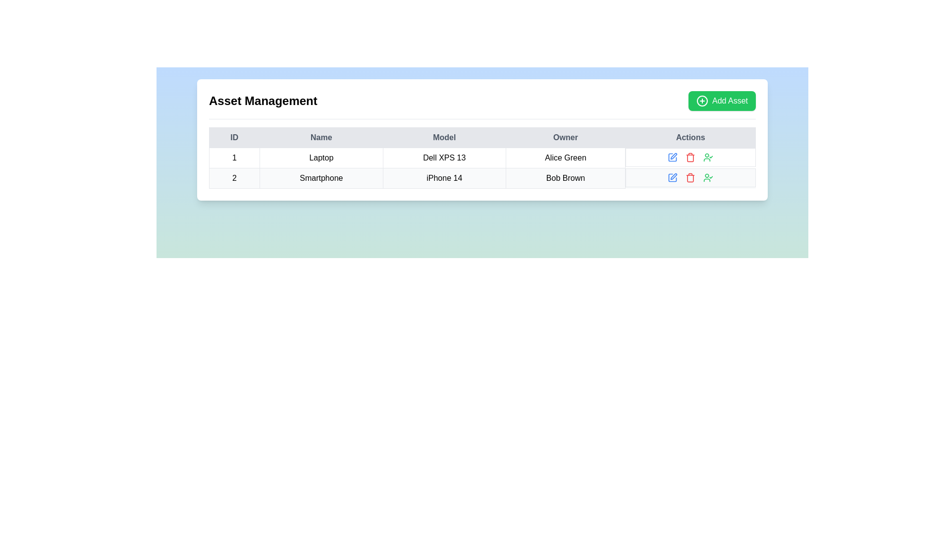 The image size is (951, 535). What do you see at coordinates (690, 157) in the screenshot?
I see `the inline action button group in the 'Actions' column of the first row` at bounding box center [690, 157].